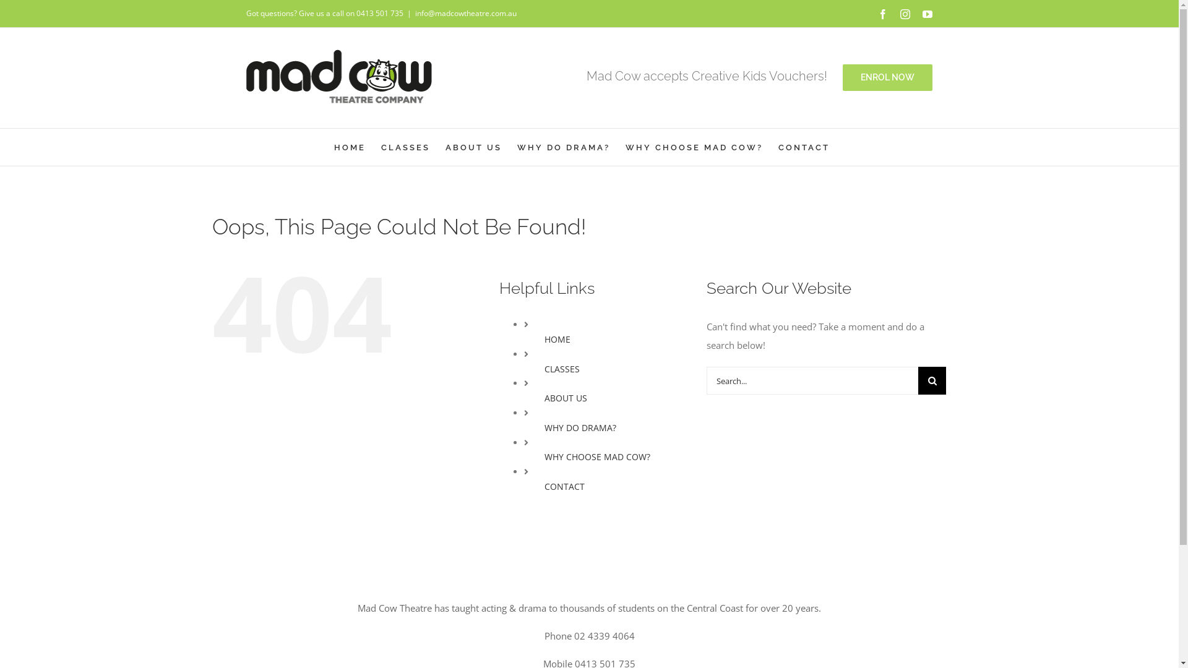 The width and height of the screenshot is (1188, 668). What do you see at coordinates (694, 147) in the screenshot?
I see `'WHY CHOOSE MAD COW?'` at bounding box center [694, 147].